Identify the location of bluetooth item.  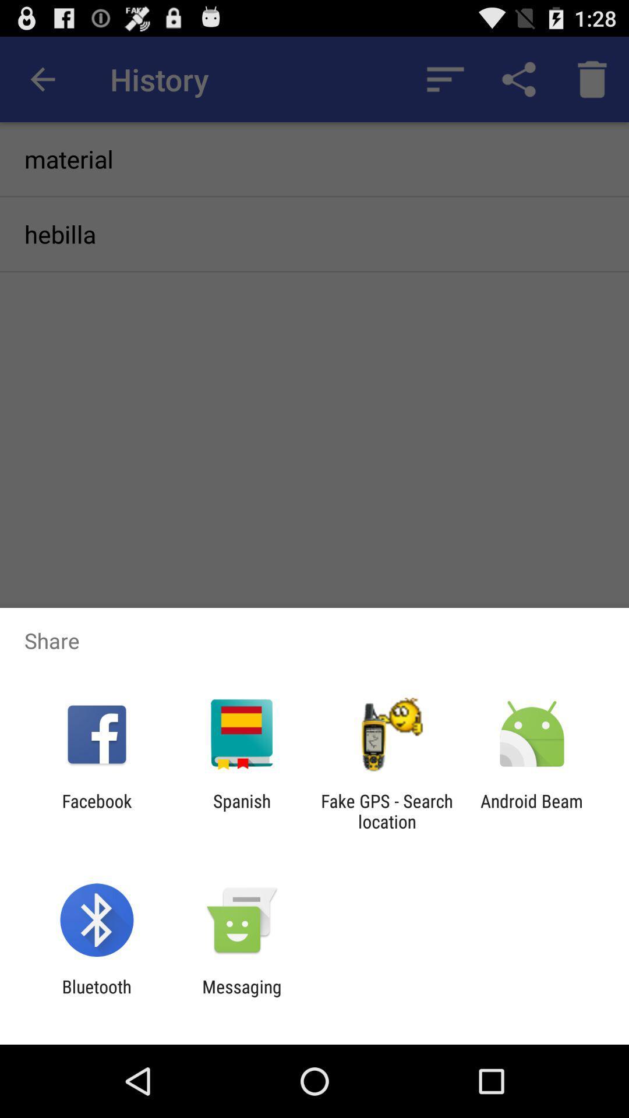
(96, 996).